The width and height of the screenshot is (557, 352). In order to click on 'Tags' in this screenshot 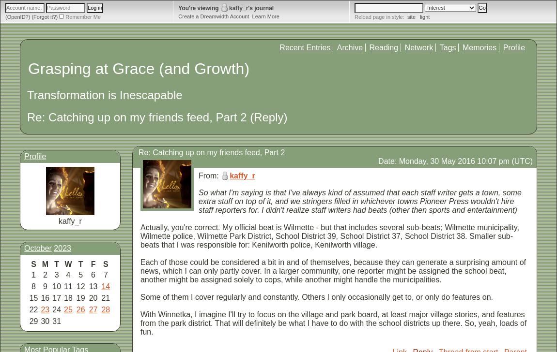, I will do `click(448, 47)`.